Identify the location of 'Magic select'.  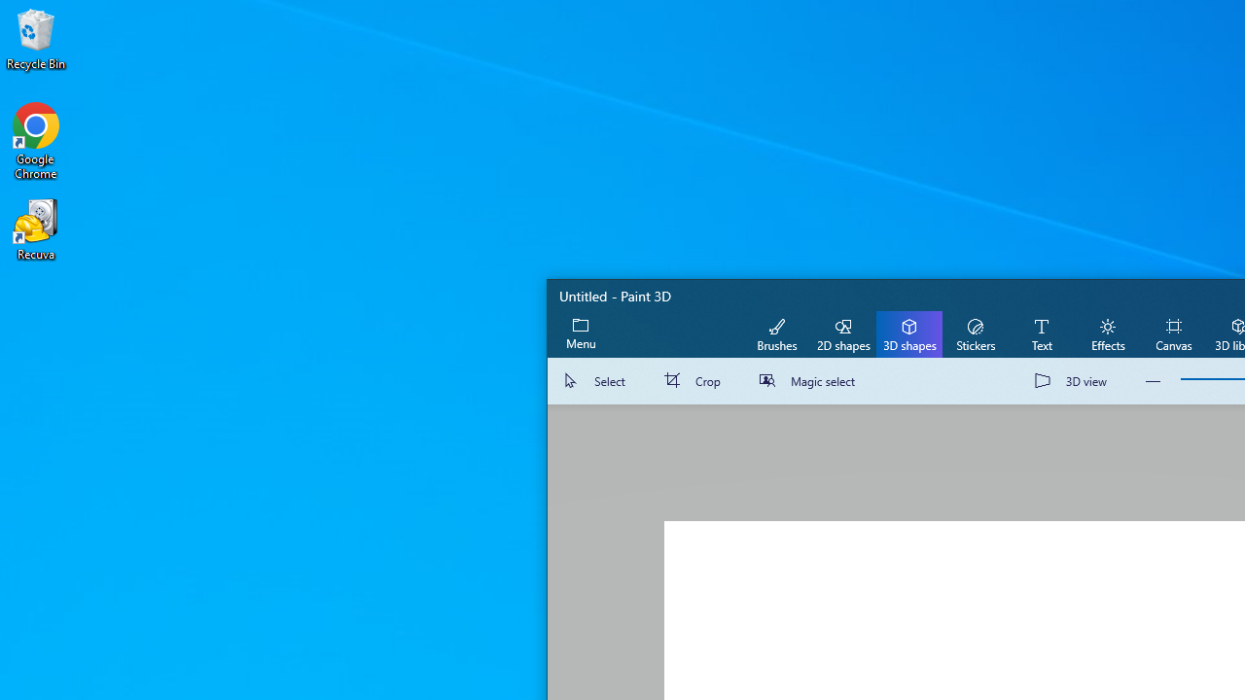
(810, 381).